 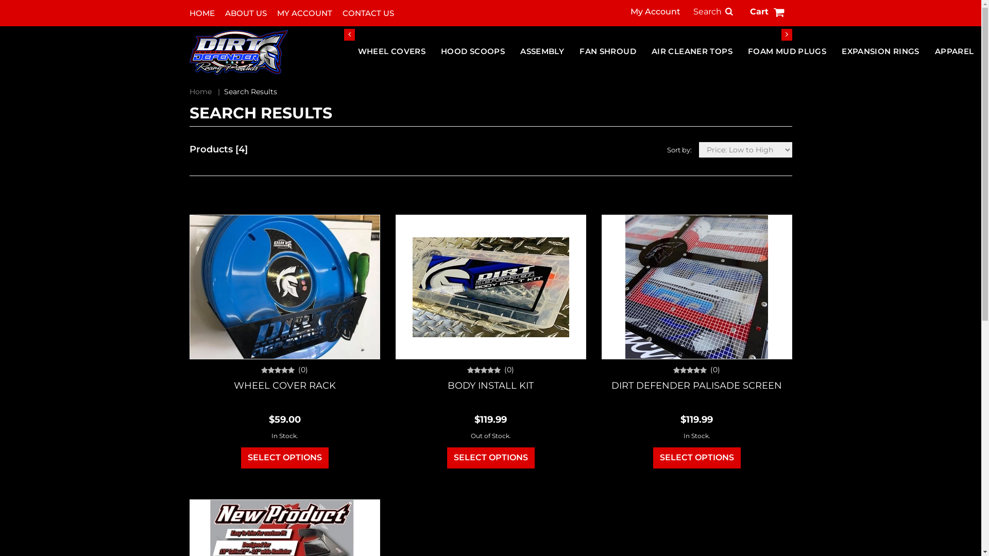 I want to click on 'ASSEMBLY', so click(x=541, y=51).